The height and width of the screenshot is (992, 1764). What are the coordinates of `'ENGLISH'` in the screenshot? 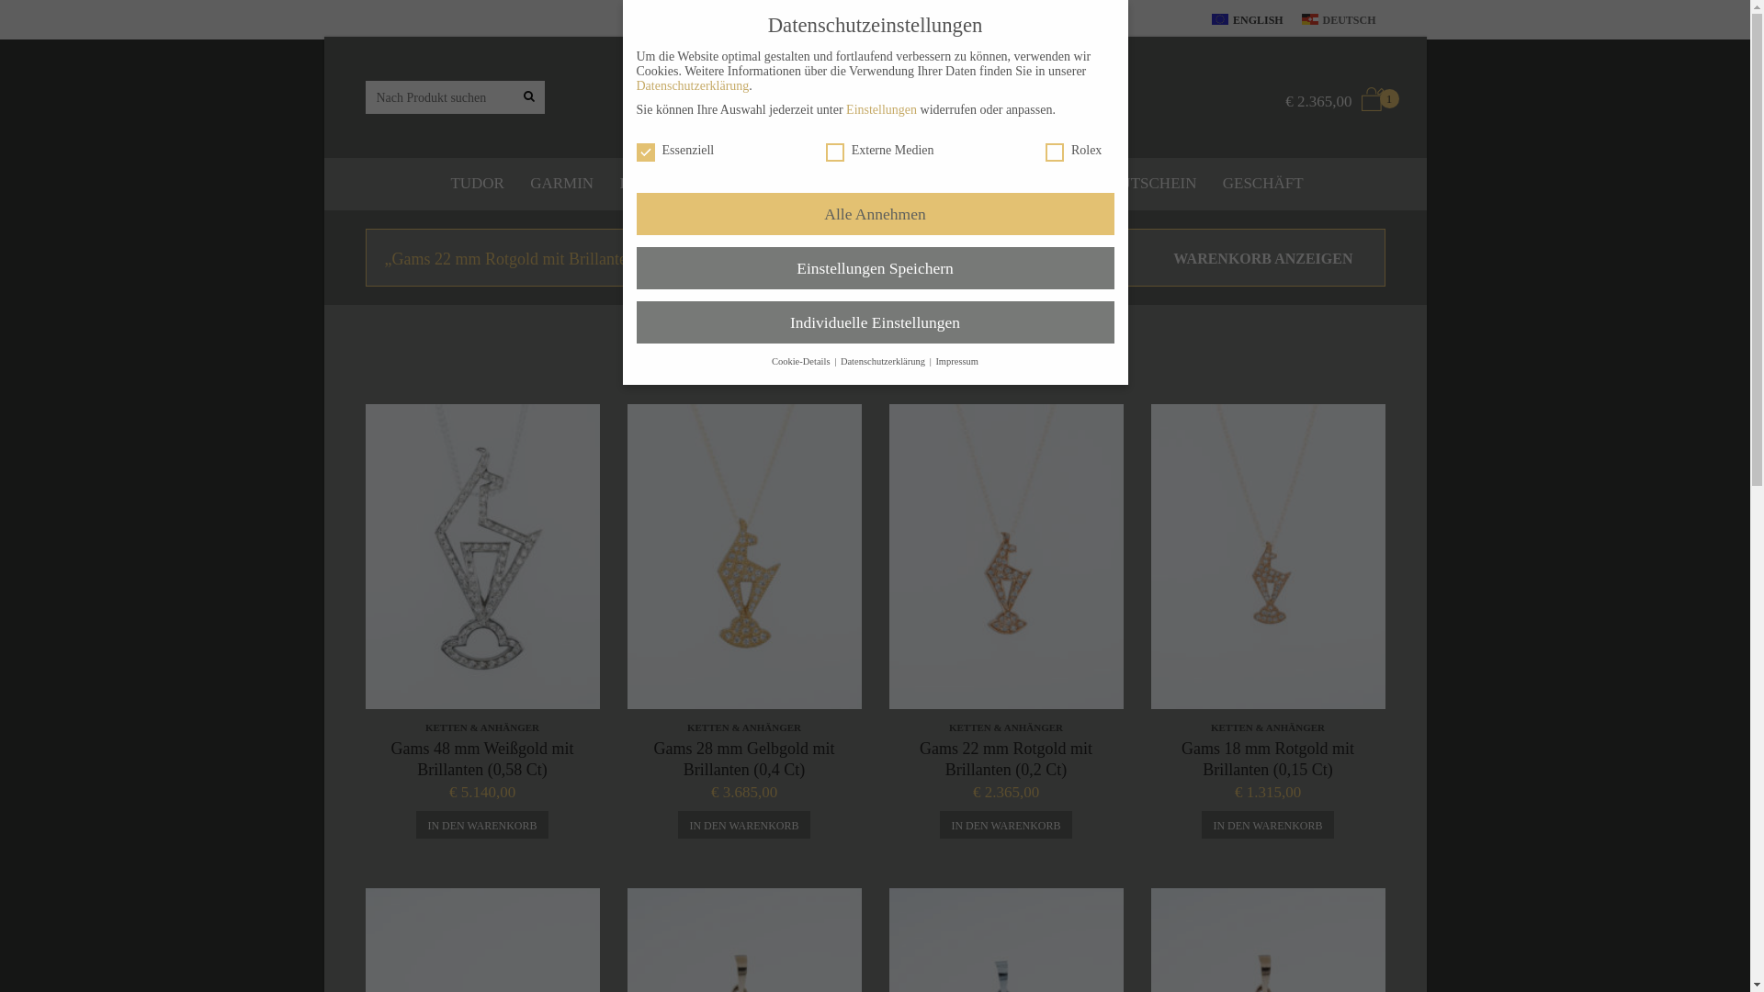 It's located at (1247, 19).